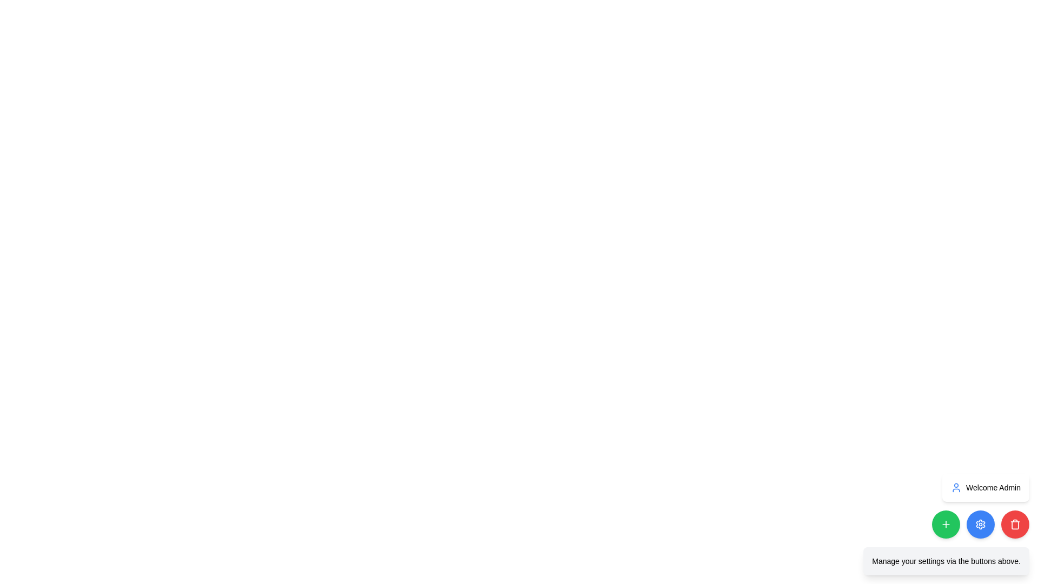 This screenshot has height=584, width=1038. Describe the element at coordinates (981, 523) in the screenshot. I see `the clickable settings icon located in the circular blue button at the bottom-right corner of the interface` at that location.